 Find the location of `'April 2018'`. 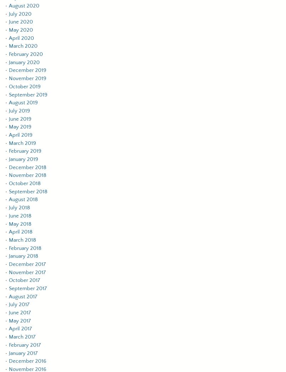

'April 2018' is located at coordinates (20, 232).